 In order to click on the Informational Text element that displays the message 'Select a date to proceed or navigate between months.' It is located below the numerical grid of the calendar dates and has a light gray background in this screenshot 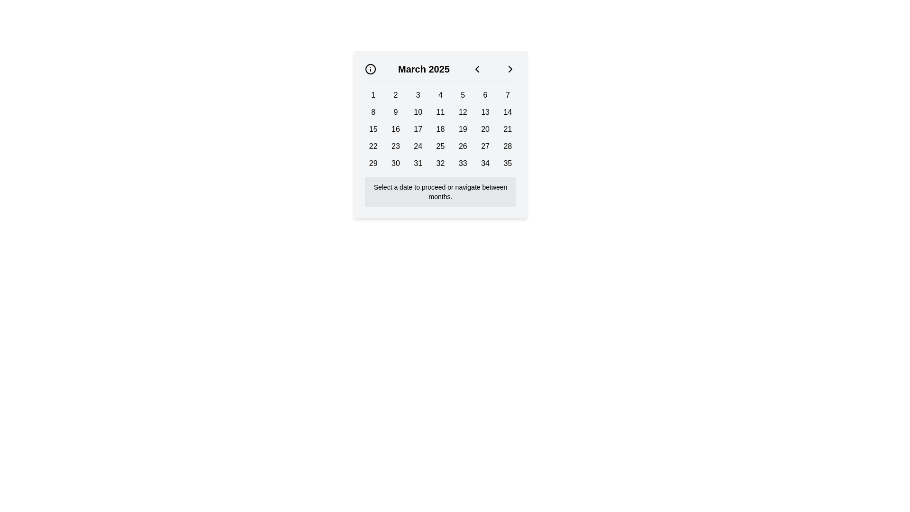, I will do `click(440, 192)`.